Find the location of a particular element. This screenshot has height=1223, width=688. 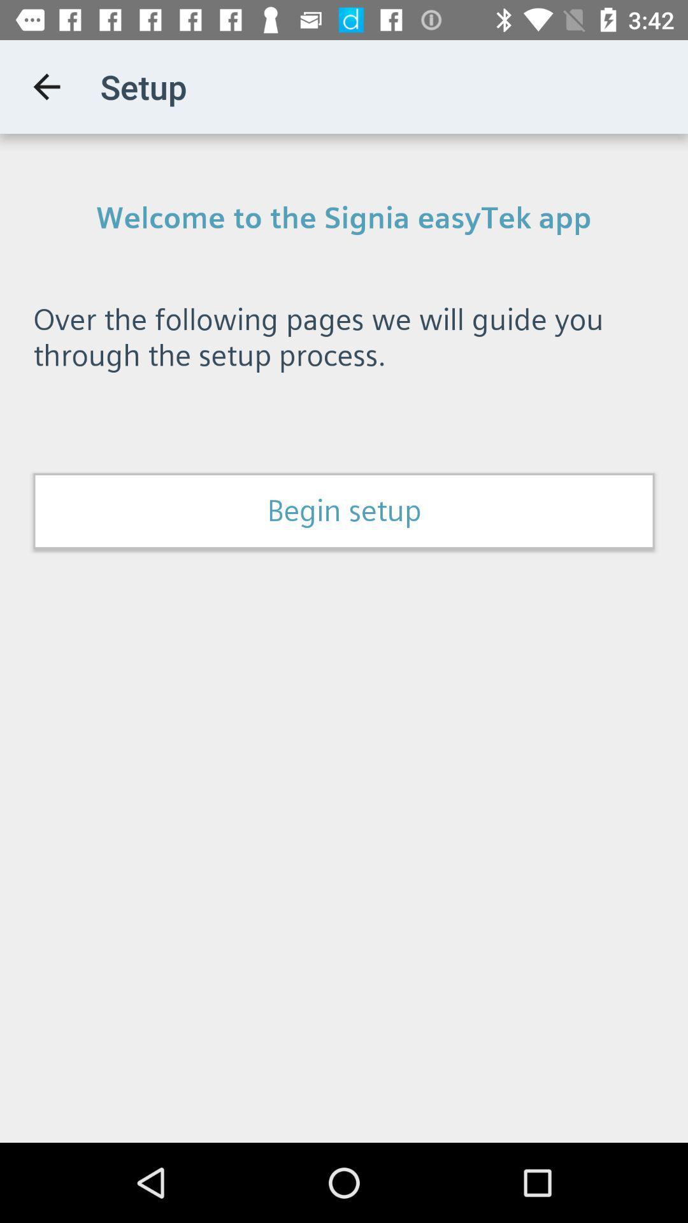

the begin setup is located at coordinates (344, 511).